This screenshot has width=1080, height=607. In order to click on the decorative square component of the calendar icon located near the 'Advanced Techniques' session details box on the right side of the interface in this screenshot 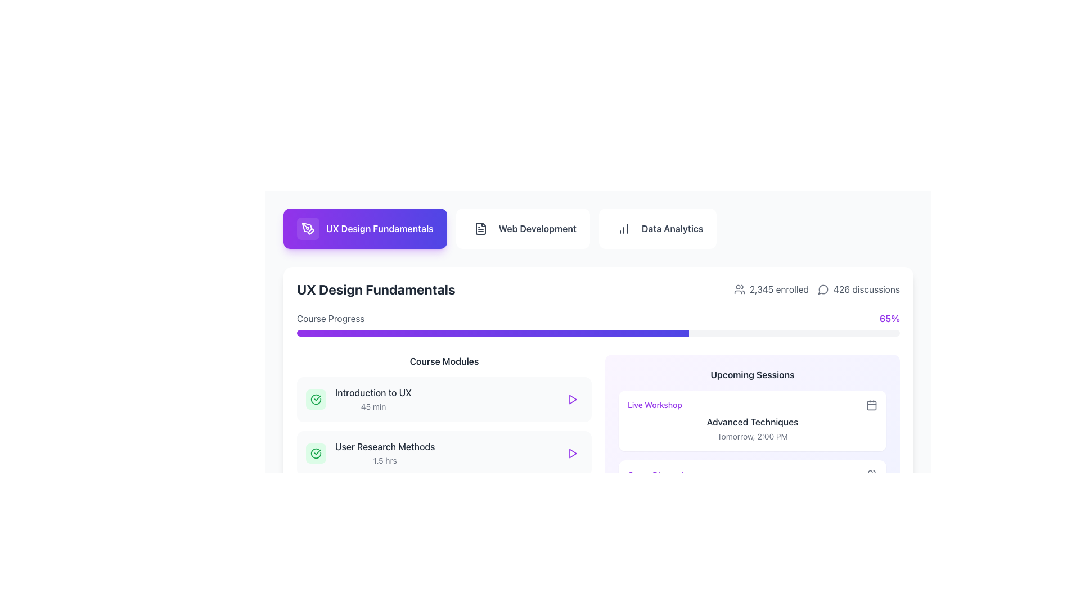, I will do `click(871, 405)`.